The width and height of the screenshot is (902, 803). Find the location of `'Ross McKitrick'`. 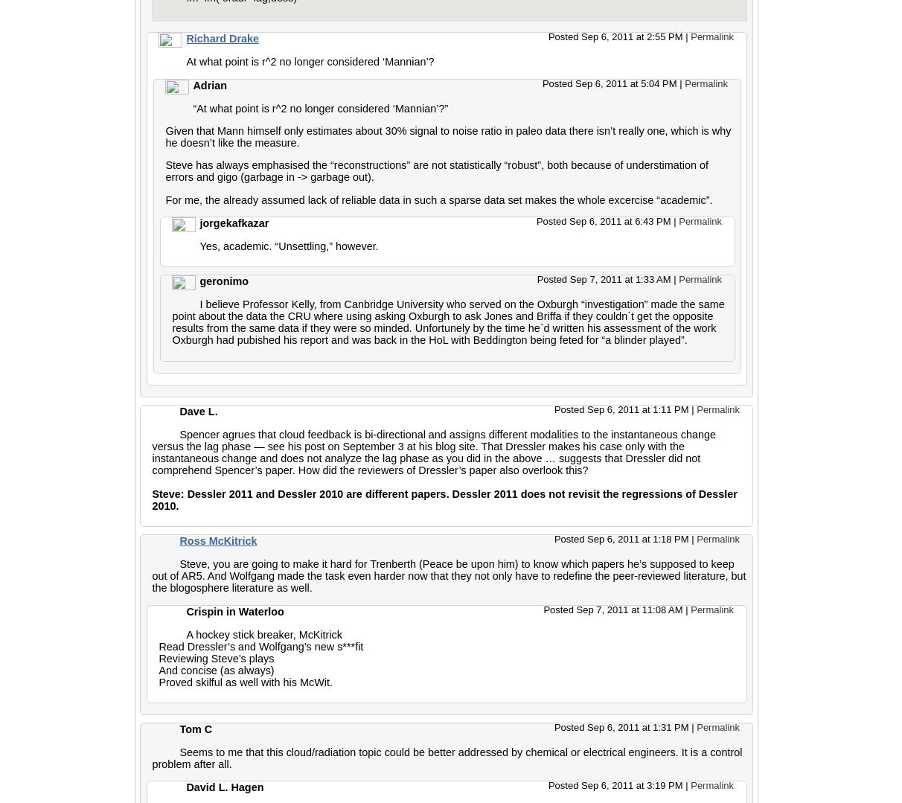

'Ross McKitrick' is located at coordinates (217, 540).